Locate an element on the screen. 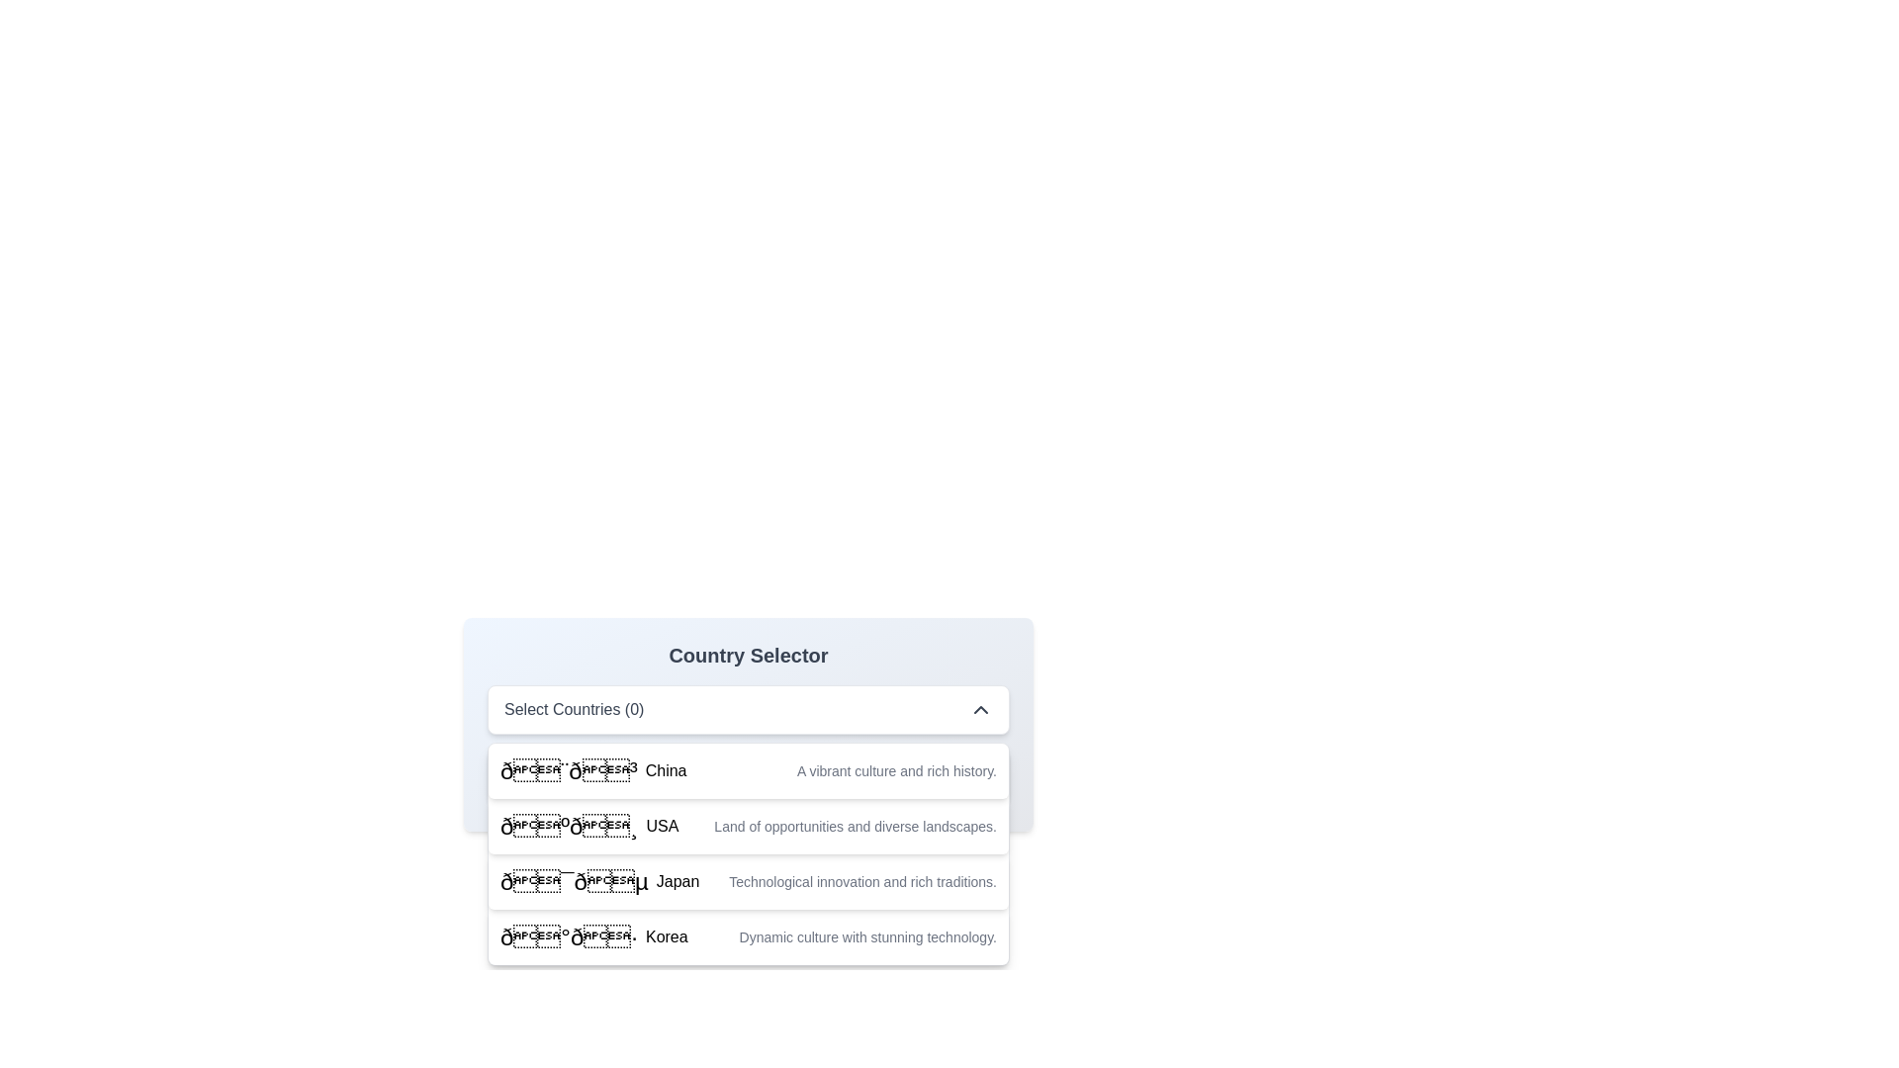 This screenshot has width=1899, height=1068. the prominent flag icon displayed to the left of the 'USA' text in the second row of the 'Country Selector' dropdown interface is located at coordinates (568, 827).